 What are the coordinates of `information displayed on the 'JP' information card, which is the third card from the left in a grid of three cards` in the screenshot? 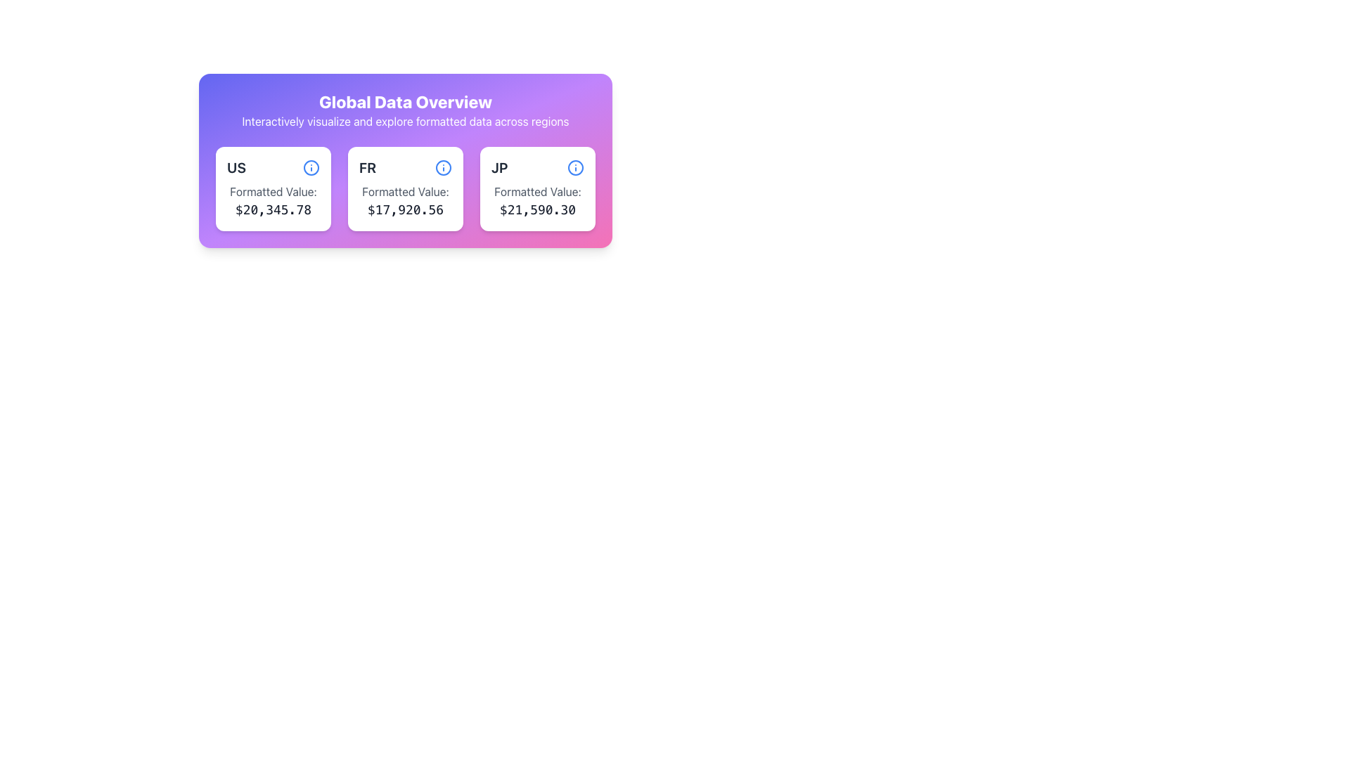 It's located at (536, 188).